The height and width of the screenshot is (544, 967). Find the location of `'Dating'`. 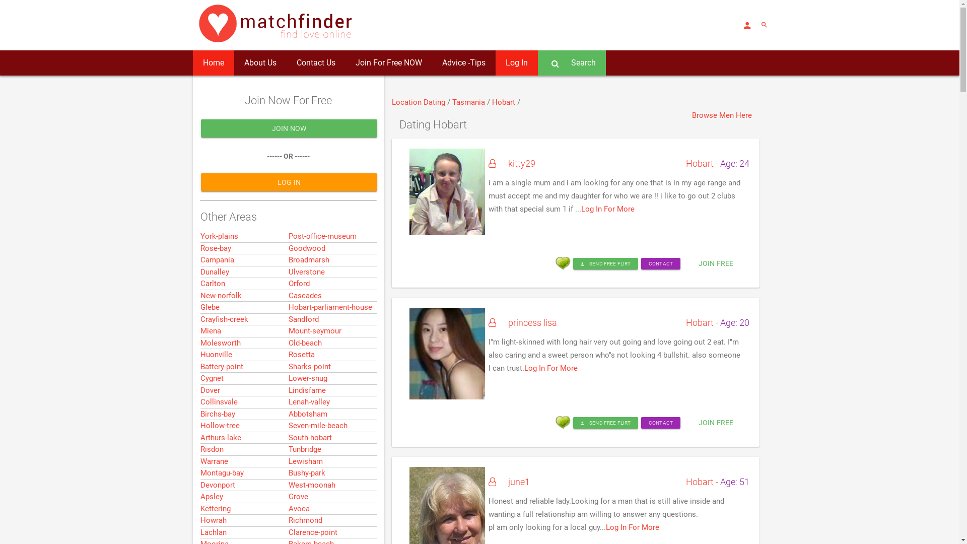

'Dating' is located at coordinates (423, 102).